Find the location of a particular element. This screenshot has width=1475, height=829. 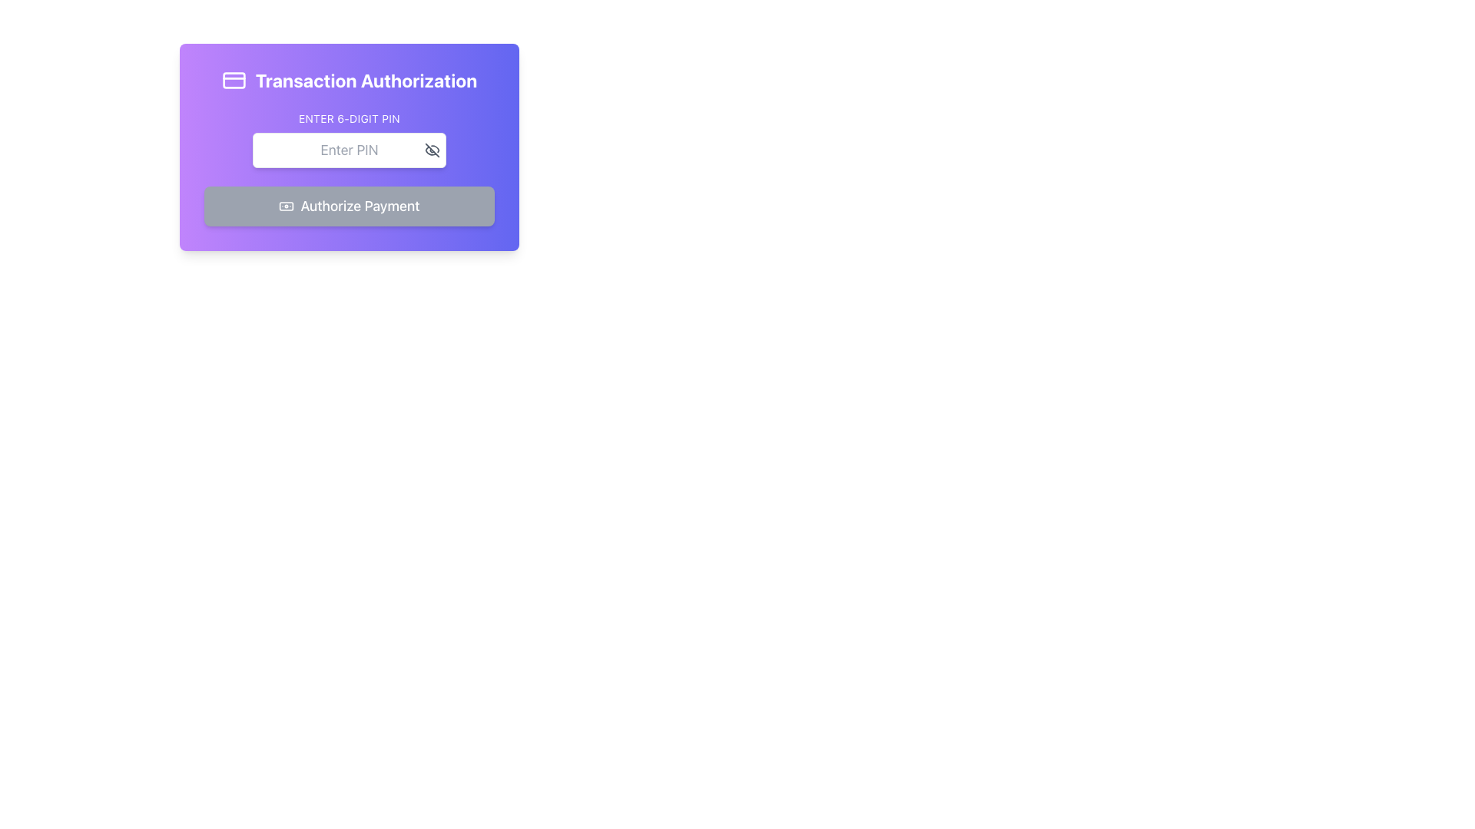

the Header element that provides context for the transaction authorization process is located at coordinates (349, 80).